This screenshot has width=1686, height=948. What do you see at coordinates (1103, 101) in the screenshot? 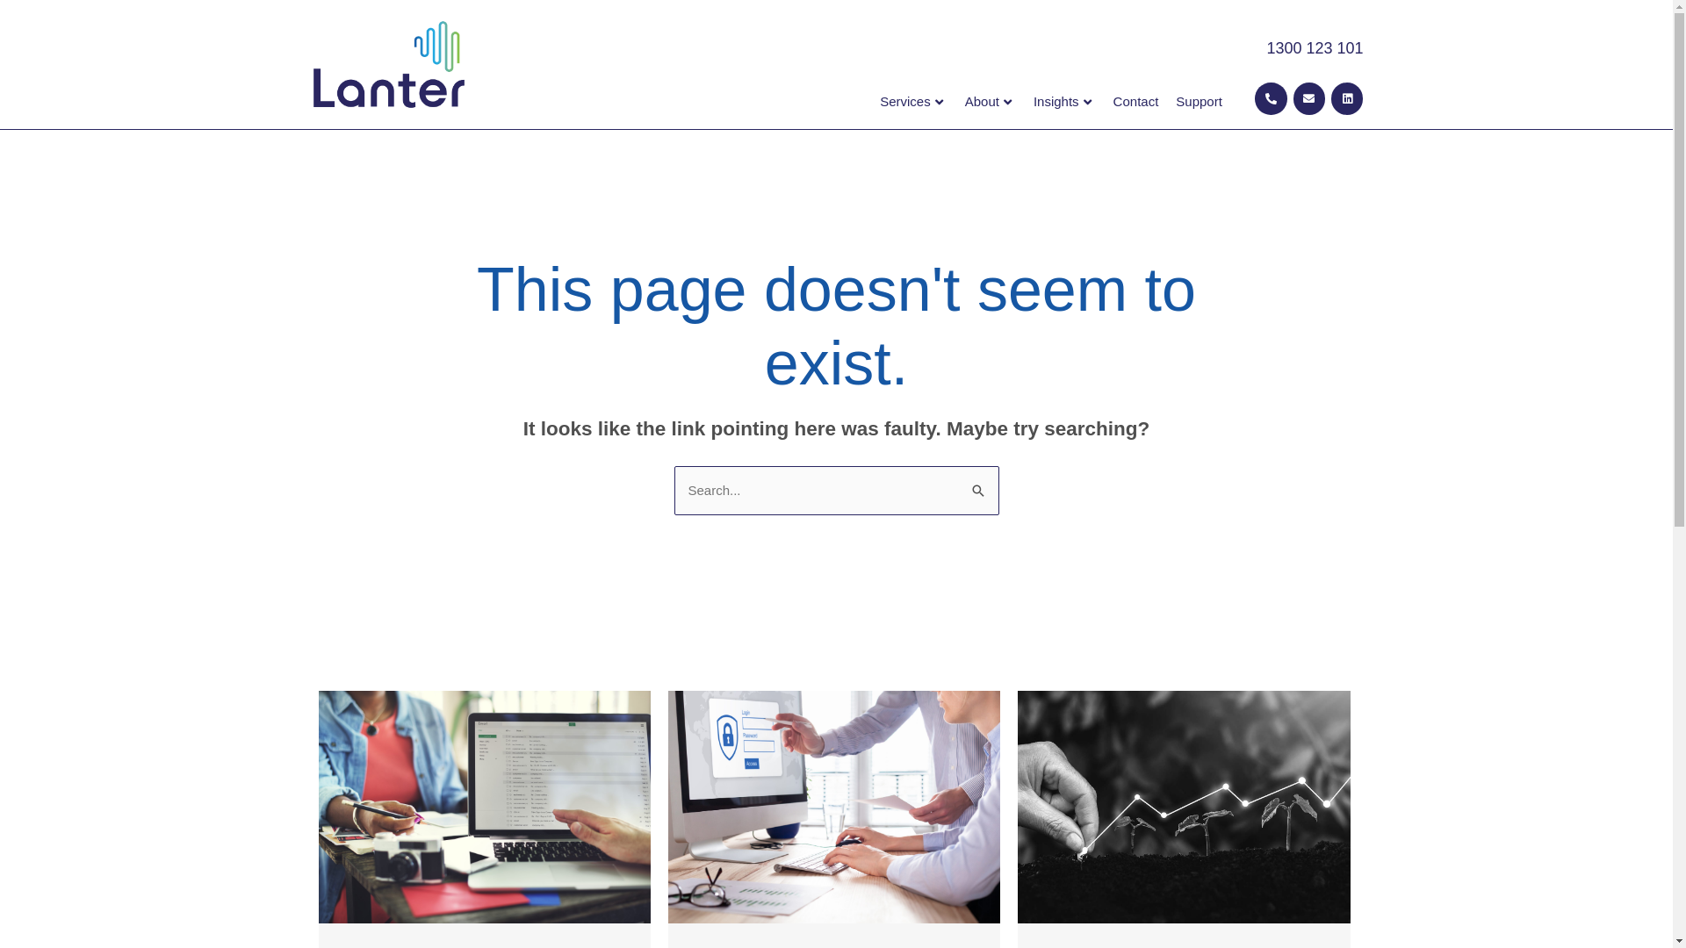
I see `'Contact'` at bounding box center [1103, 101].